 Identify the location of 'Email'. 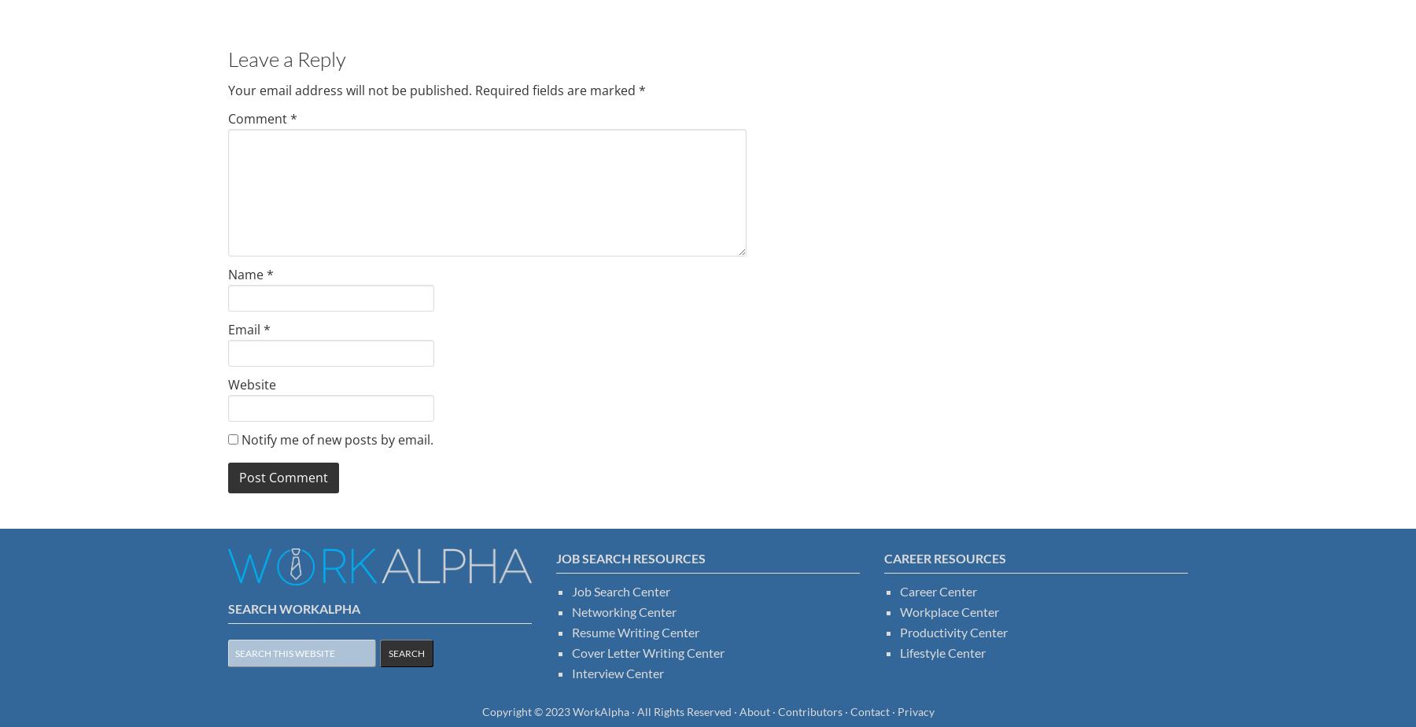
(245, 329).